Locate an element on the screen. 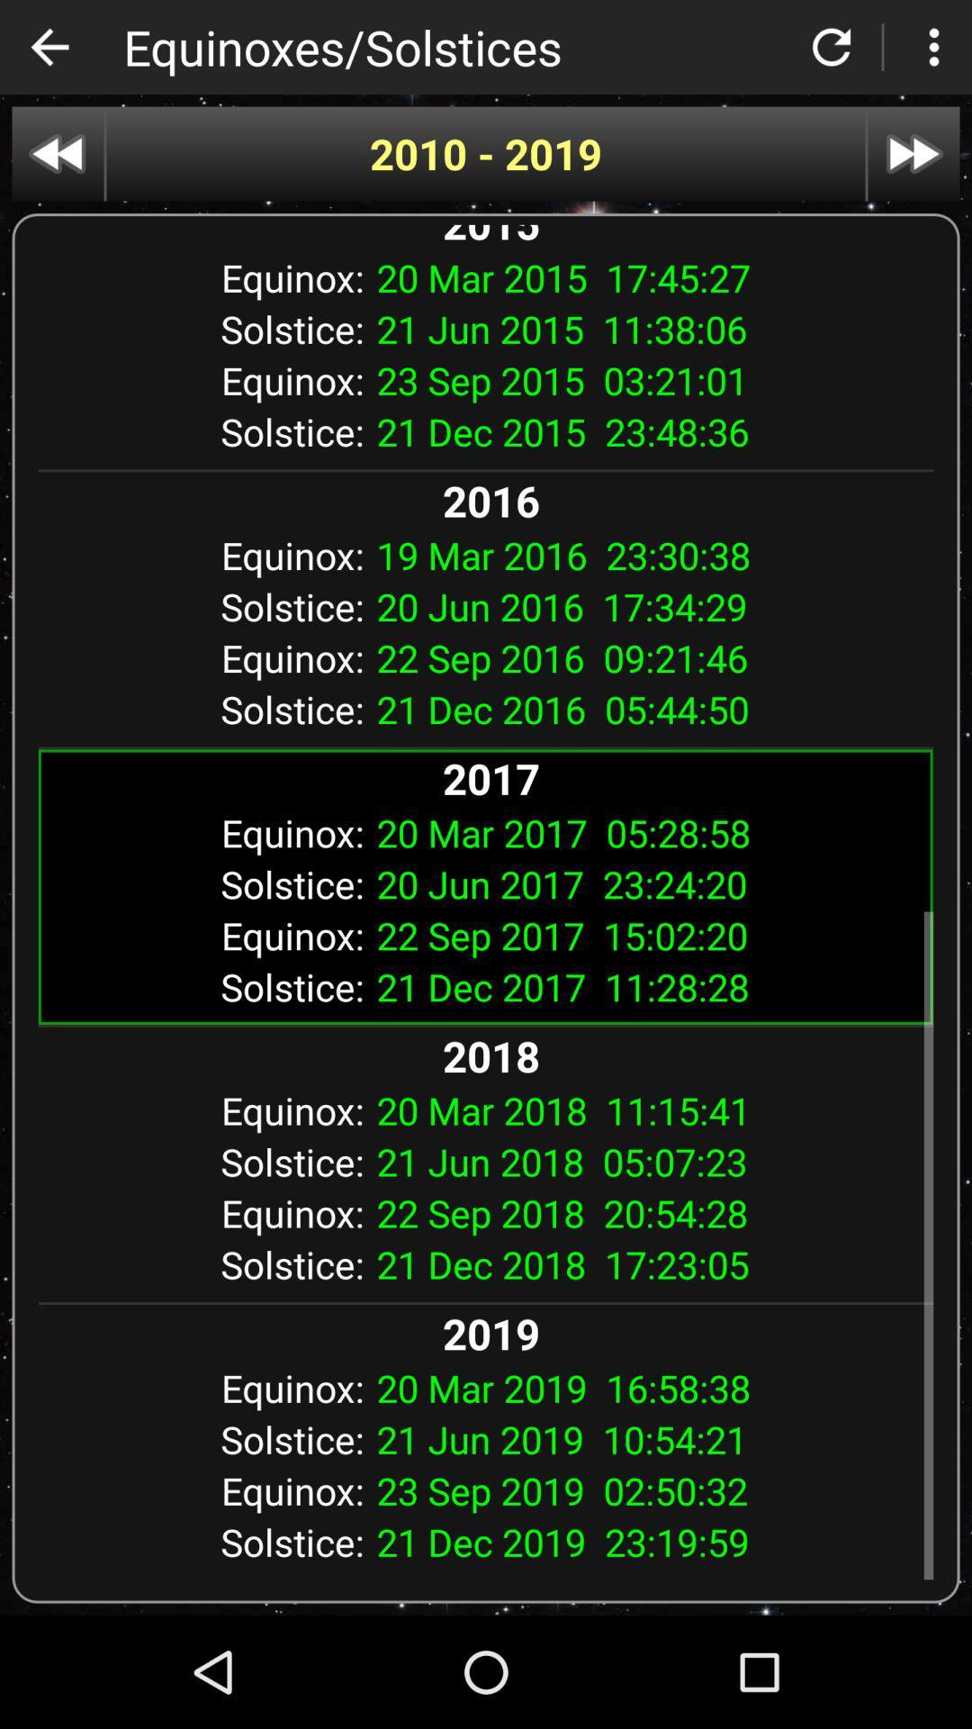 The height and width of the screenshot is (1729, 972). go back is located at coordinates (49, 47).